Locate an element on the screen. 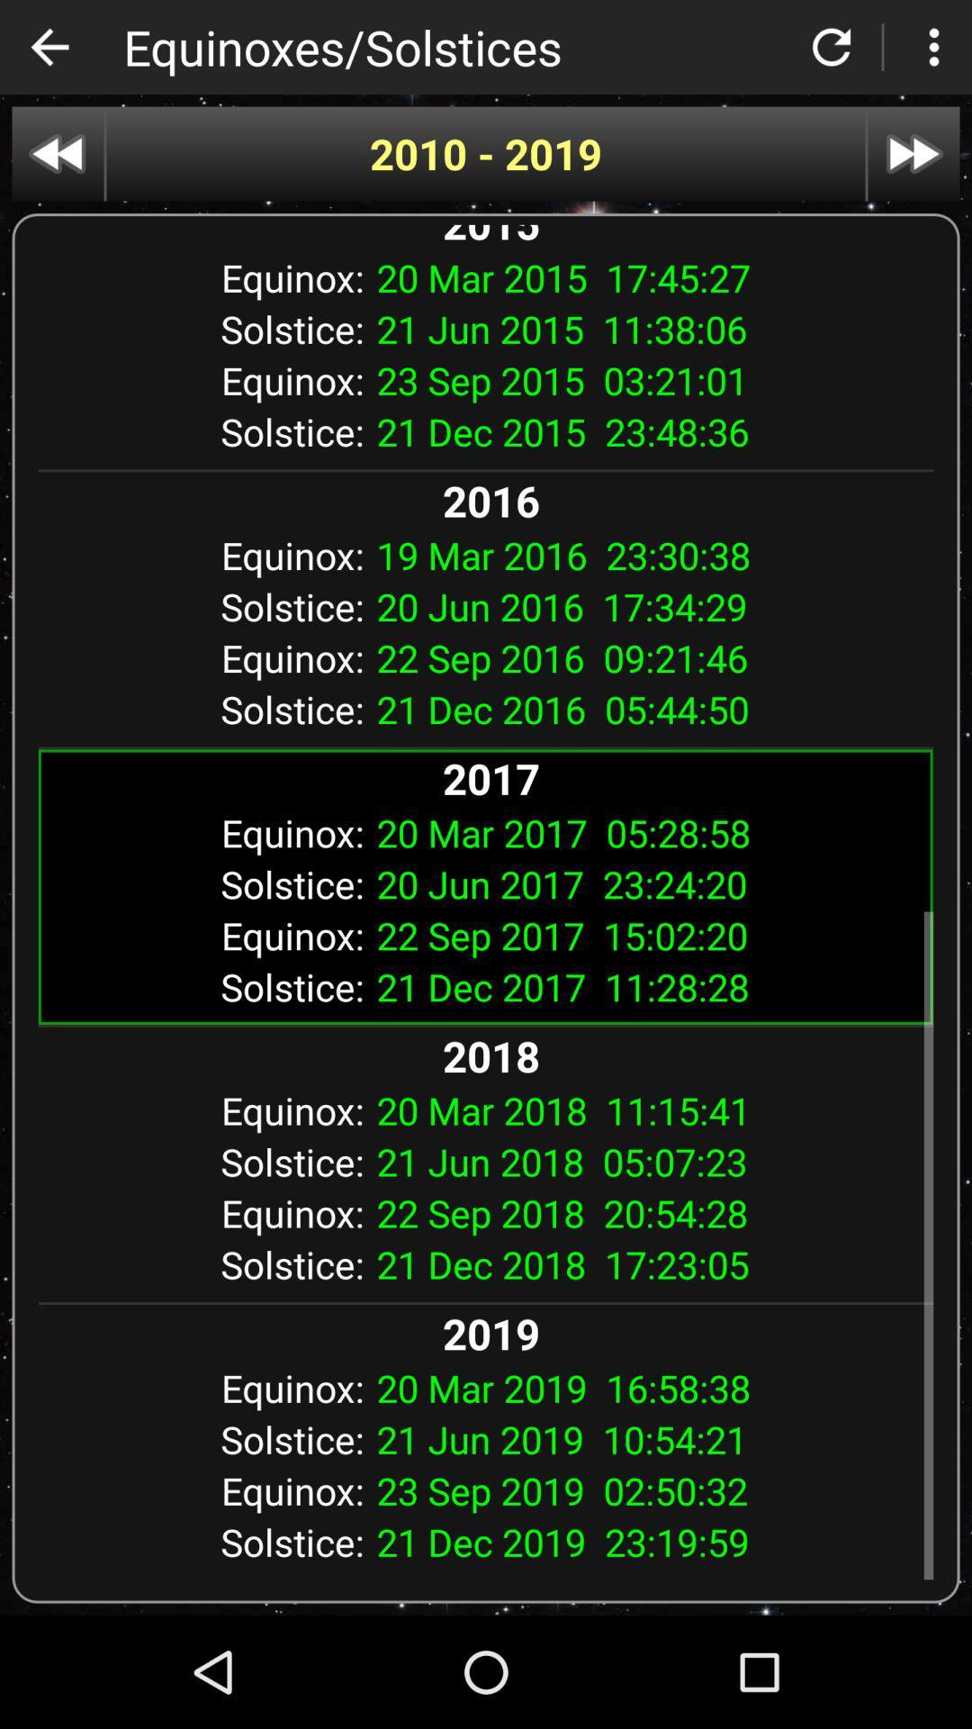 The height and width of the screenshot is (1729, 972). go back is located at coordinates (49, 47).